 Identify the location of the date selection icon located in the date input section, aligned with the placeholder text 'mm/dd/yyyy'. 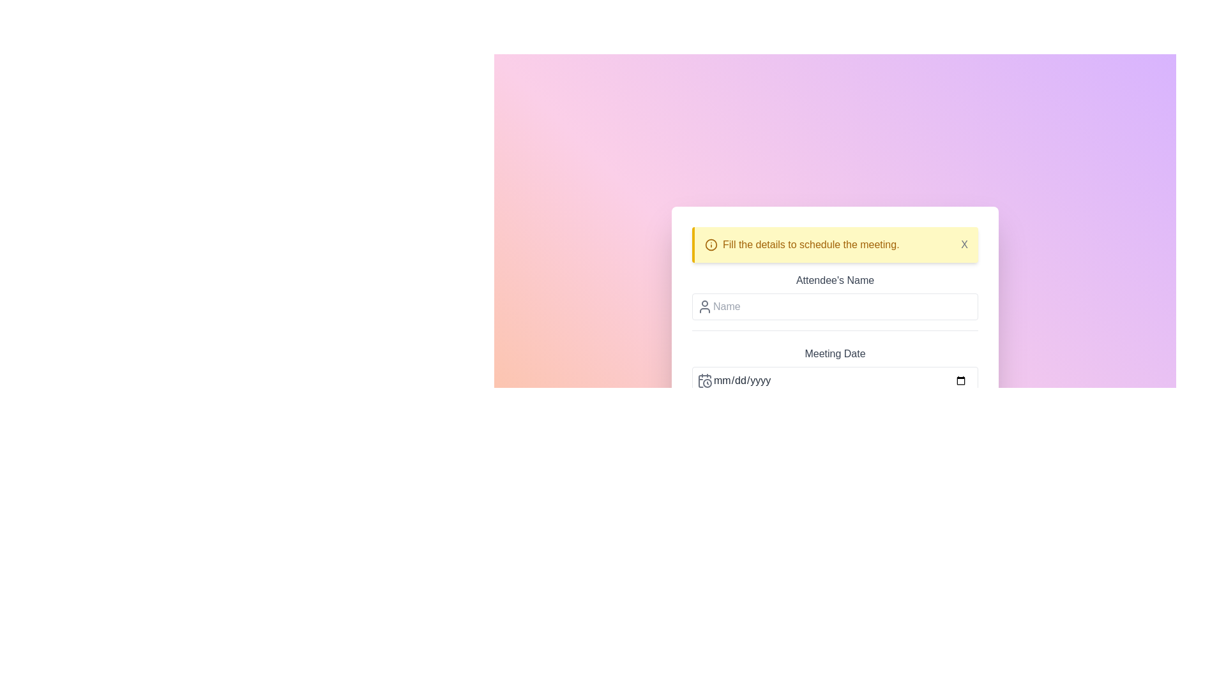
(704, 380).